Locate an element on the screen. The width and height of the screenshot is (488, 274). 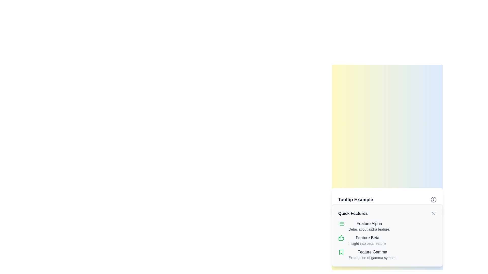
the informational help icon located at the top-right corner of the 'Tooltip Example' header is located at coordinates (433, 199).